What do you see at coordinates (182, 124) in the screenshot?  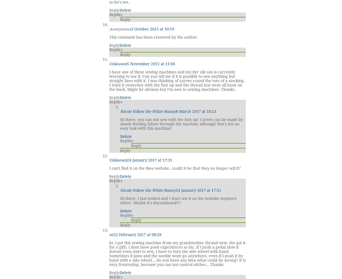 I see `'Hi there, you can not sew with the foot up! Curves can be made by slowly feeding fabric through the machine although that's not an easy task with this machine!'` at bounding box center [182, 124].